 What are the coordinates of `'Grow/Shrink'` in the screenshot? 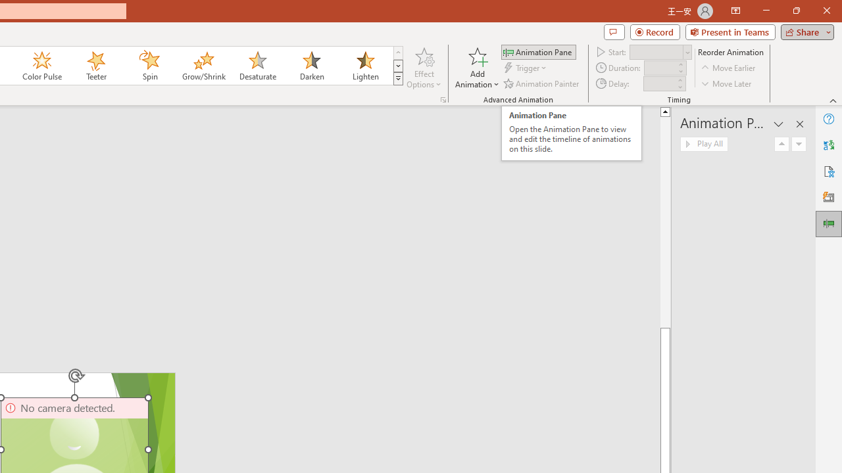 It's located at (203, 66).